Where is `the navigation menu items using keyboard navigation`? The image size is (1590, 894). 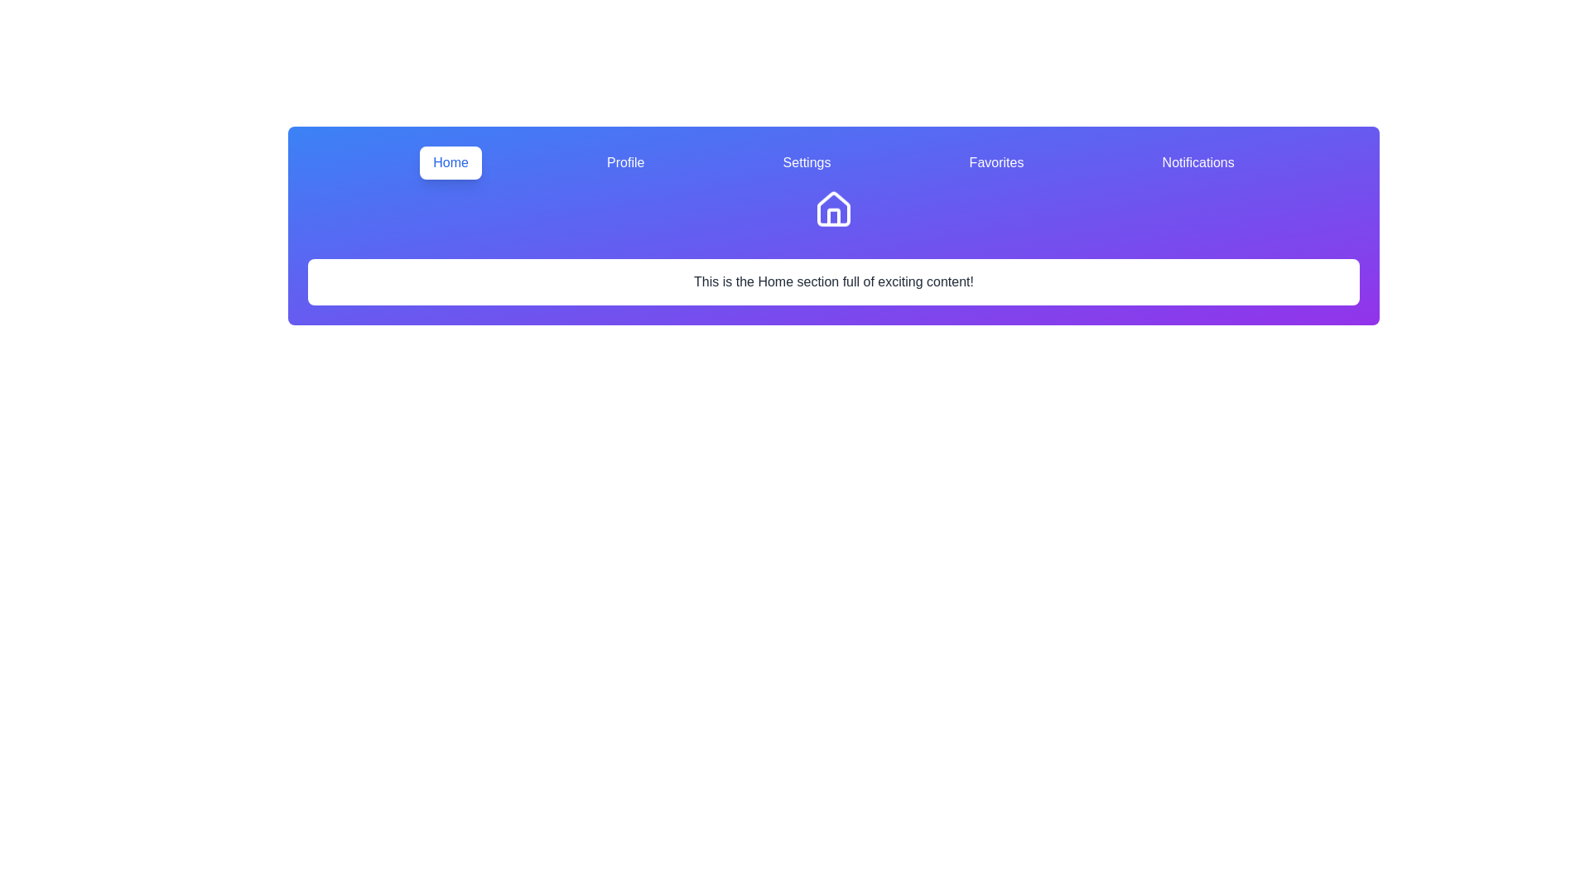 the navigation menu items using keyboard navigation is located at coordinates (834, 162).